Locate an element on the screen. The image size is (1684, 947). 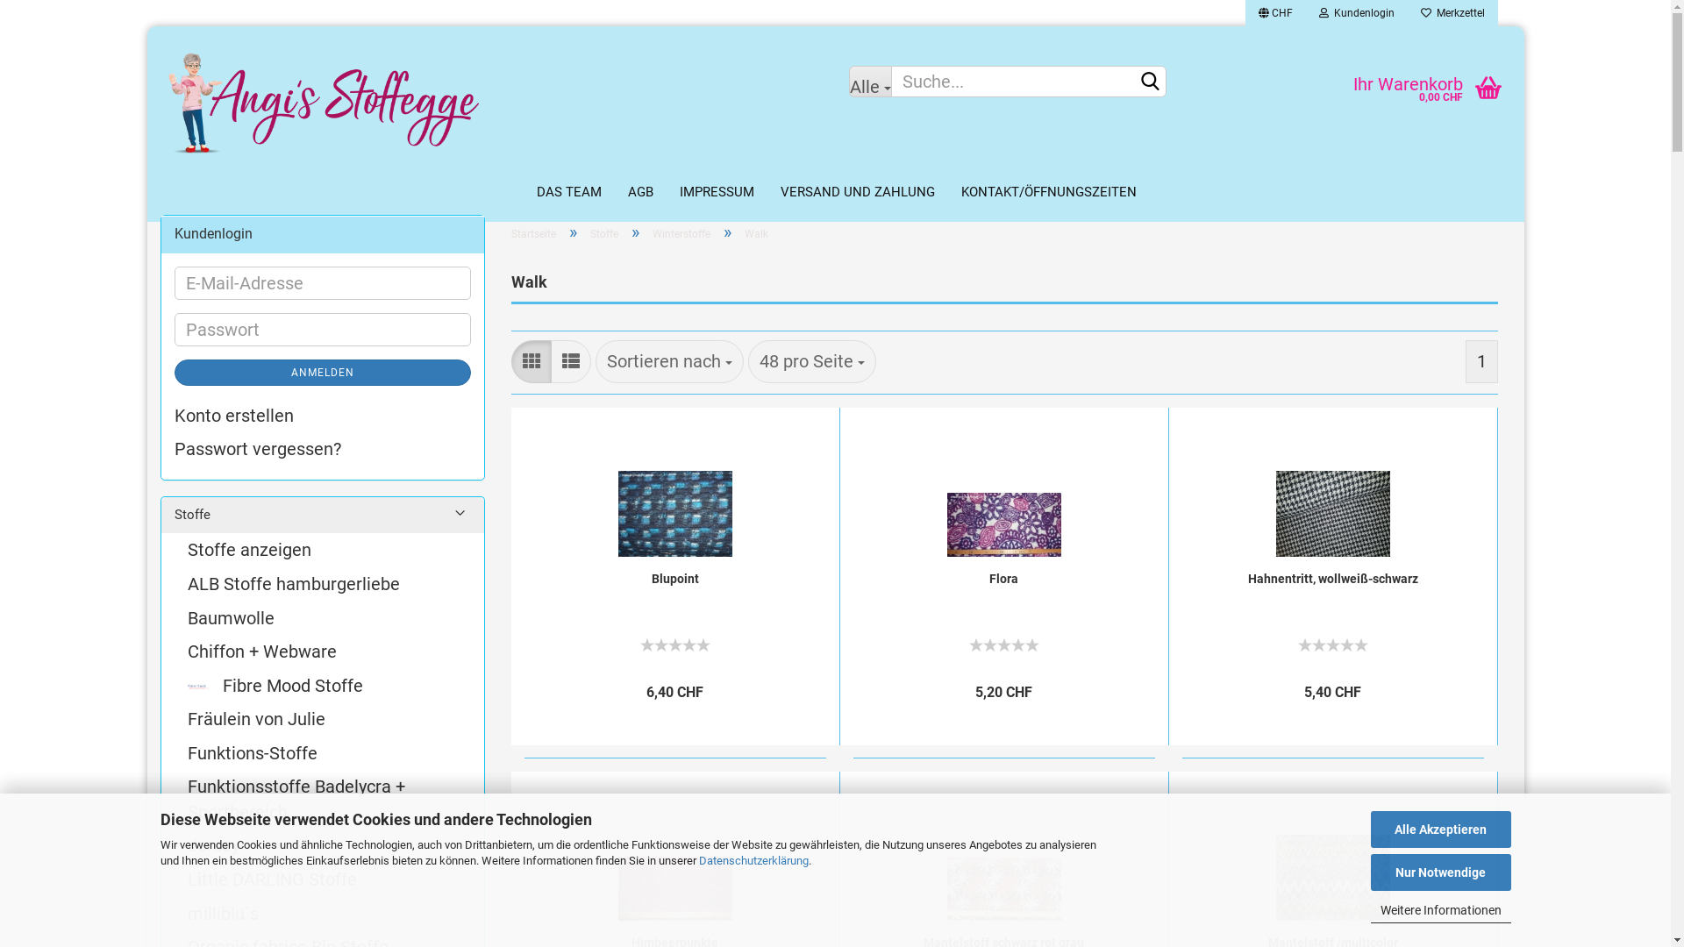
'Alle' is located at coordinates (870, 81).